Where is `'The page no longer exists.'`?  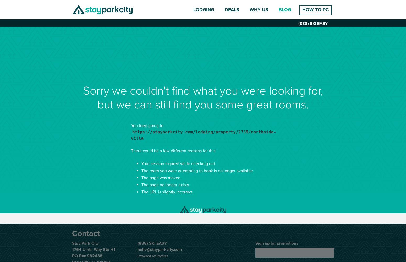 'The page no longer exists.' is located at coordinates (141, 184).